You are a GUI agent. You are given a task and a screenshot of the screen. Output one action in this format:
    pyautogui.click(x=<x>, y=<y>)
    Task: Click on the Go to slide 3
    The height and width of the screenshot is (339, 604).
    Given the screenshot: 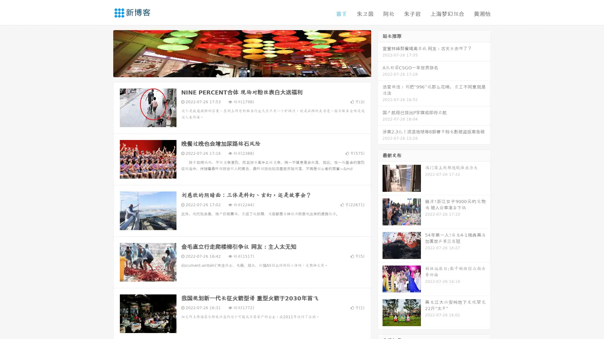 What is the action you would take?
    pyautogui.click(x=248, y=71)
    